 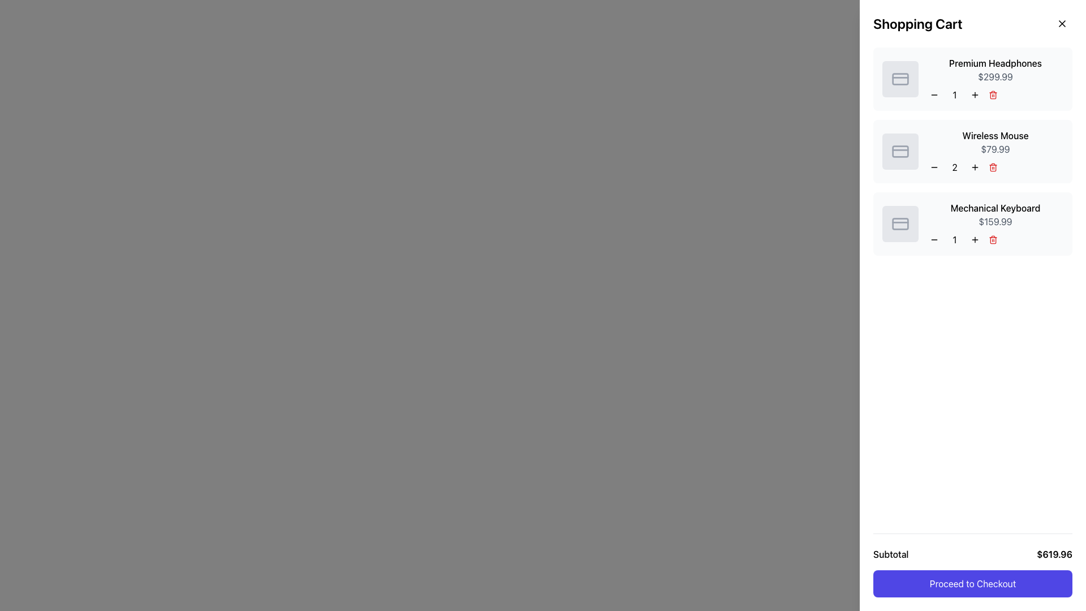 I want to click on the price label displaying '$299.99' in gray font, located below 'Premium Headphones' in the shopping cart interface, so click(x=996, y=76).